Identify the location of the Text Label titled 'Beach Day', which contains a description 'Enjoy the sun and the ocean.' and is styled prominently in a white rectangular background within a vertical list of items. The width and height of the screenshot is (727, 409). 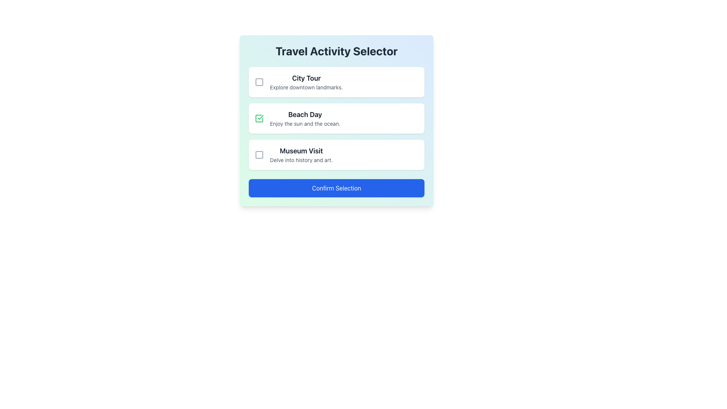
(305, 118).